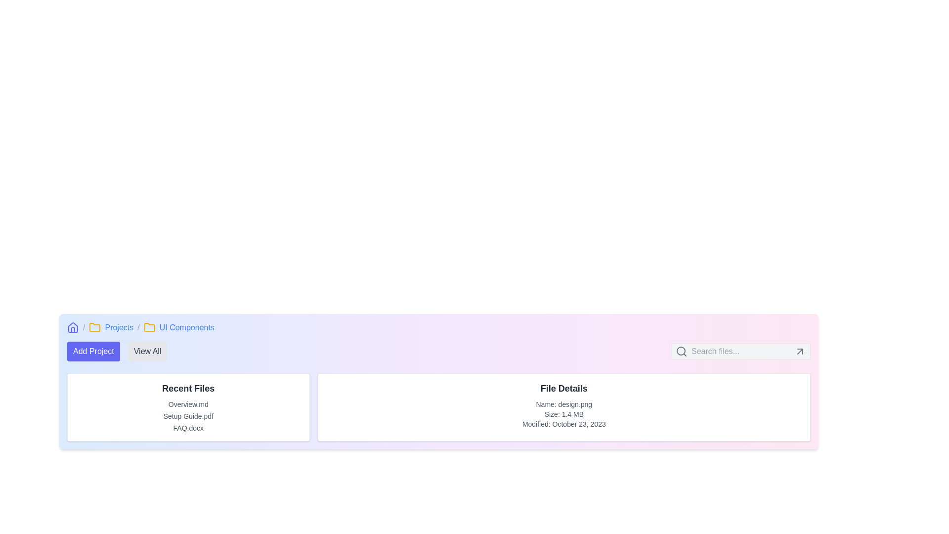 The height and width of the screenshot is (534, 949). I want to click on any file name in the 'Recent Files' section, which displays links to 'Overview.md', 'Setup Guide.pdf', and 'FAQ.docx', so click(188, 407).